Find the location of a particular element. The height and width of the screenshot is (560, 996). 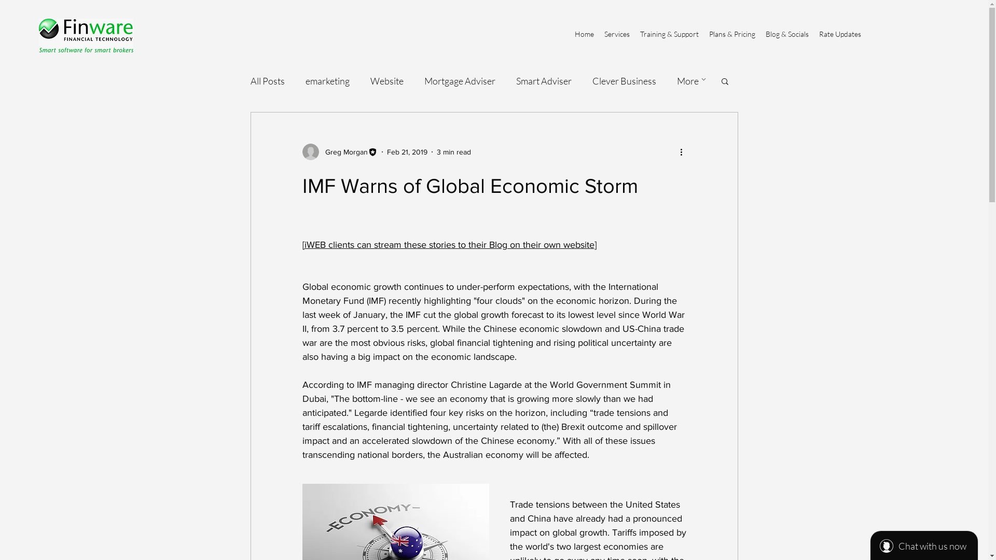

'Website' is located at coordinates (386, 80).